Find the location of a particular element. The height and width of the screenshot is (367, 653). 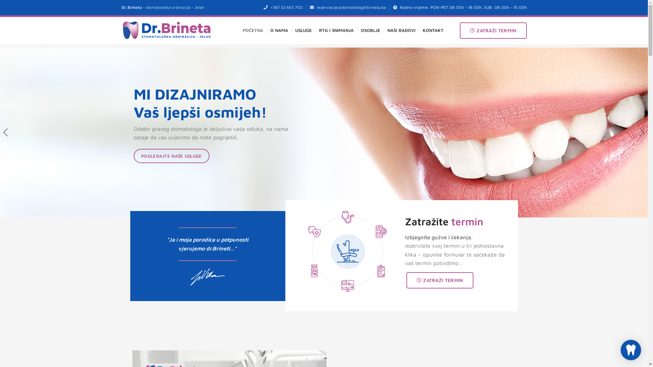

'OSOBLJE' is located at coordinates (370, 30).